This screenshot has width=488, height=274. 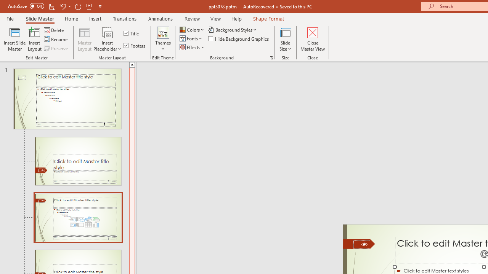 What do you see at coordinates (313, 39) in the screenshot?
I see `'Close Master View'` at bounding box center [313, 39].